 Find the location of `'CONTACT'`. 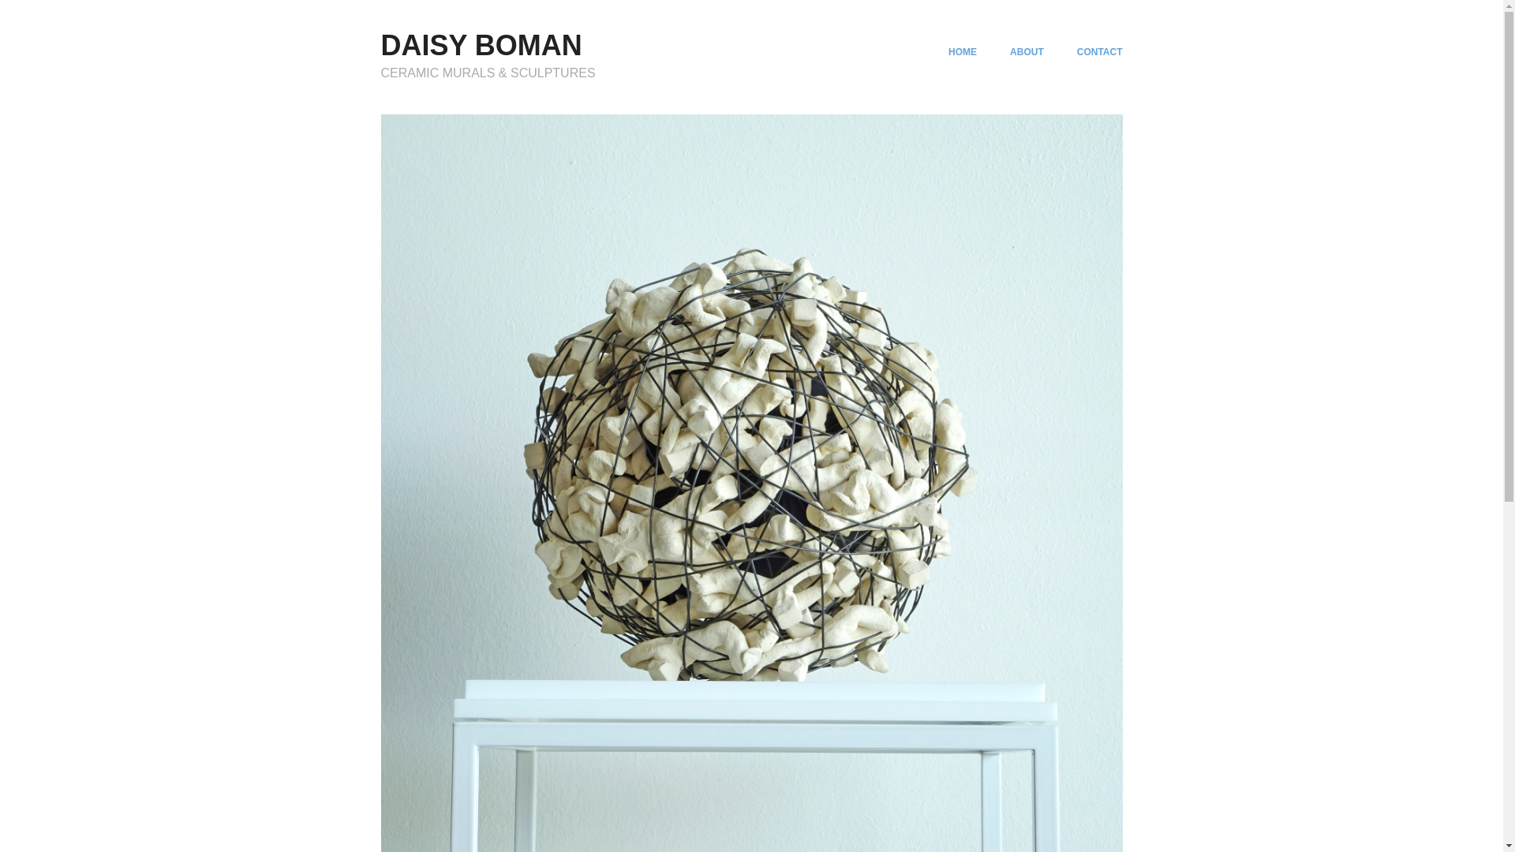

'CONTACT' is located at coordinates (1098, 50).